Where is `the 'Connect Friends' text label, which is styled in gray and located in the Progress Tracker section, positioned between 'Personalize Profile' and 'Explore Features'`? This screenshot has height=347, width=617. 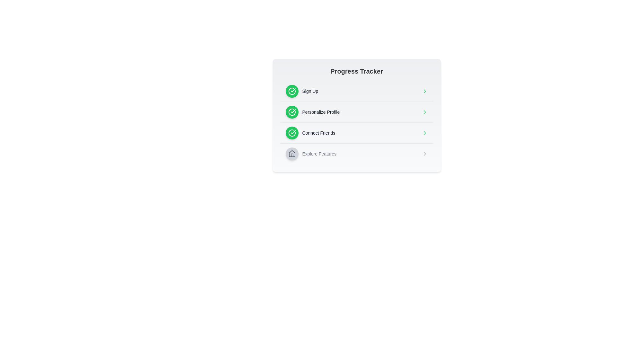 the 'Connect Friends' text label, which is styled in gray and located in the Progress Tracker section, positioned between 'Personalize Profile' and 'Explore Features' is located at coordinates (318, 132).